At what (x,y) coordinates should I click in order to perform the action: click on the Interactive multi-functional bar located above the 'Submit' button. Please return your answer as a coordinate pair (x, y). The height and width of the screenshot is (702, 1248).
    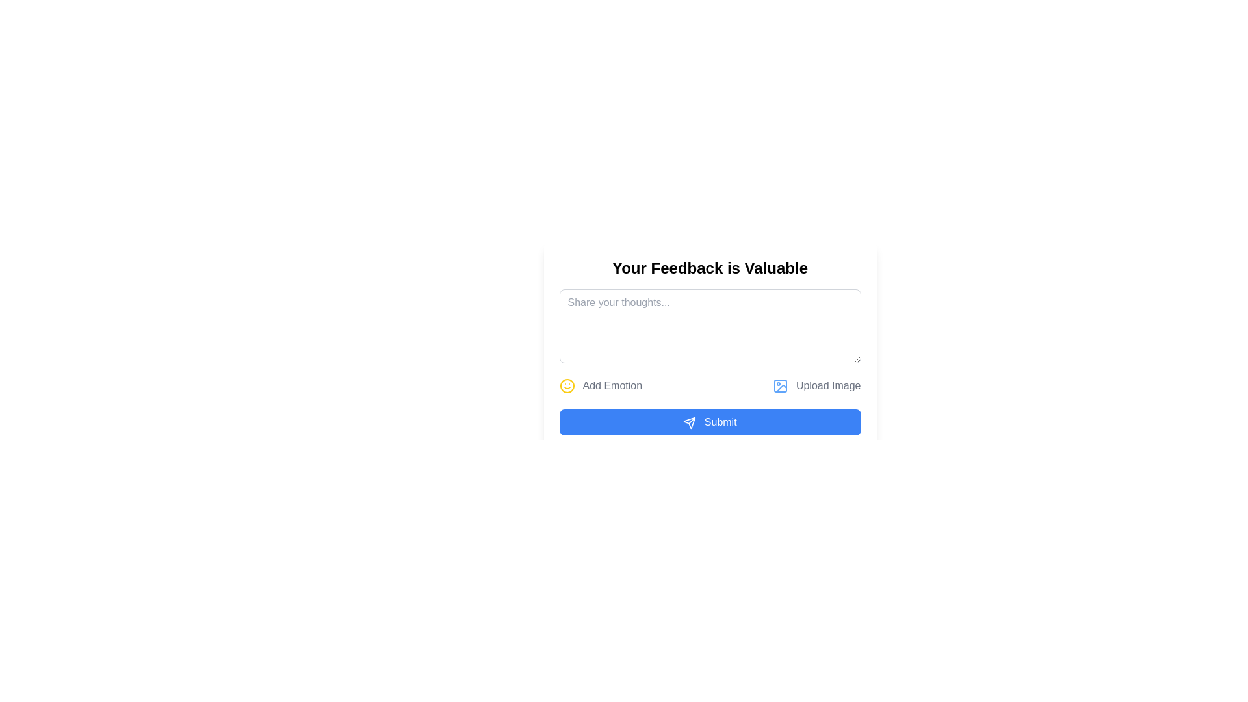
    Looking at the image, I should click on (709, 385).